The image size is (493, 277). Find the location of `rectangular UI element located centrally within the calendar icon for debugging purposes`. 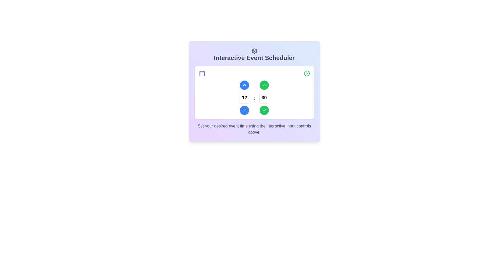

rectangular UI element located centrally within the calendar icon for debugging purposes is located at coordinates (202, 73).